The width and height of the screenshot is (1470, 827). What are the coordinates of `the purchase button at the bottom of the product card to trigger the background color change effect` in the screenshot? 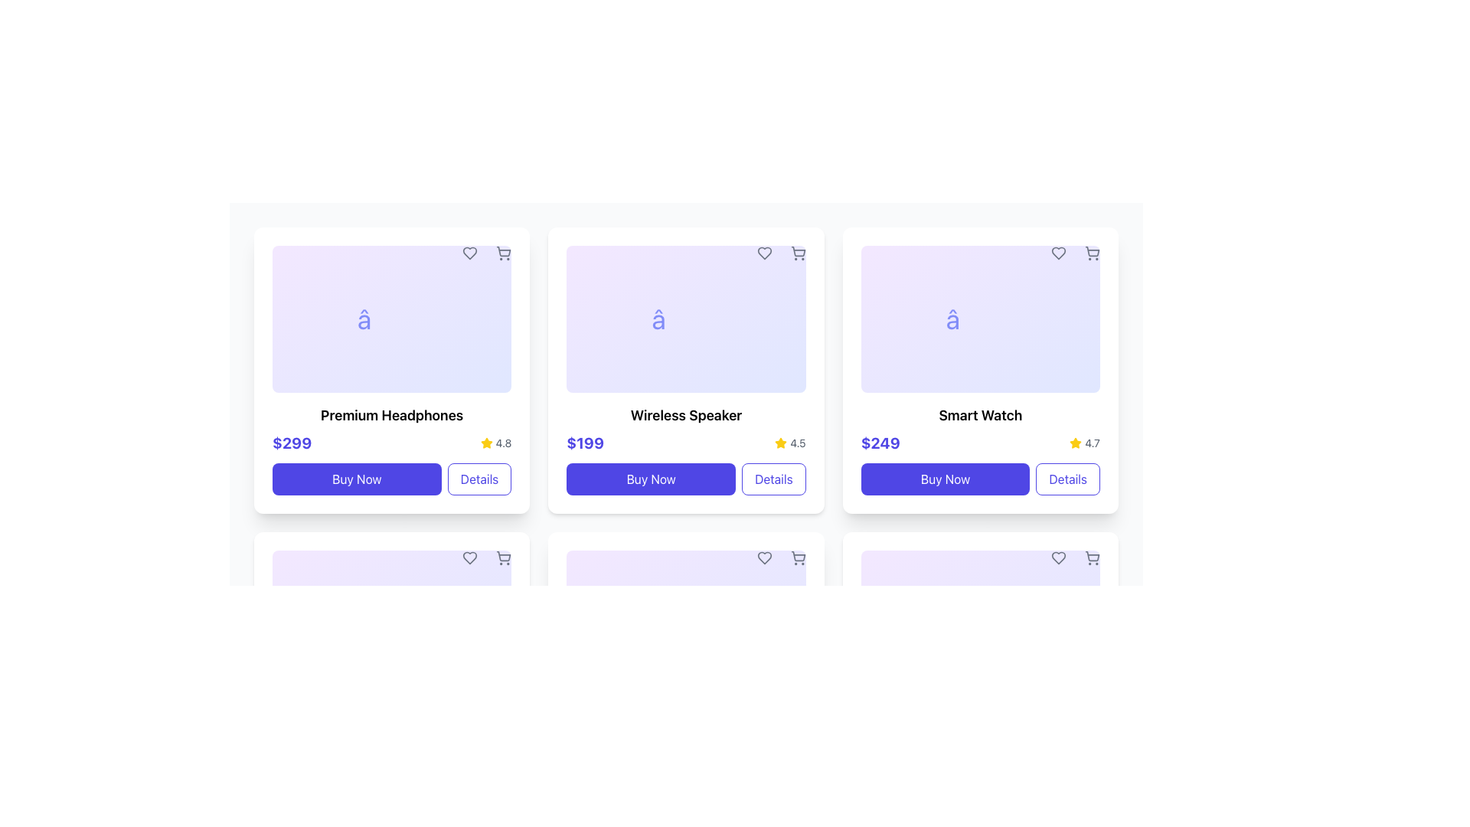 It's located at (356, 478).